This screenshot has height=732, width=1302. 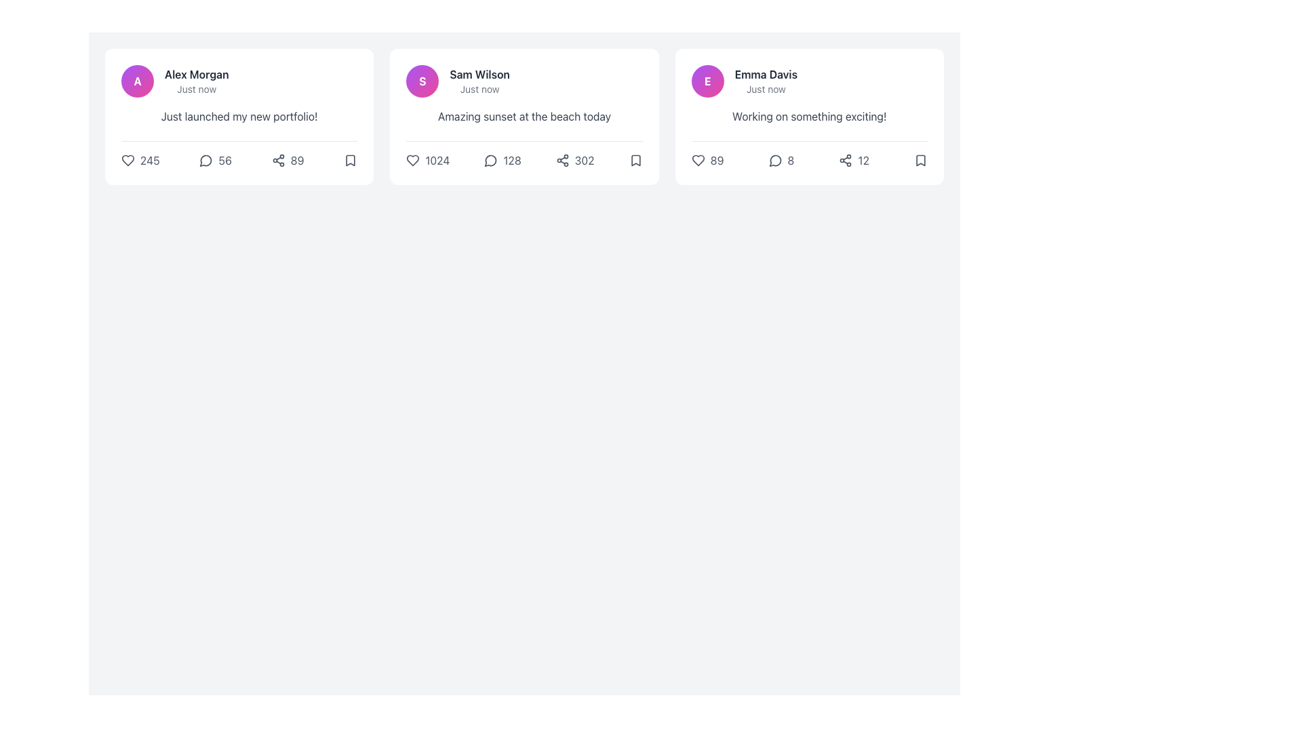 What do you see at coordinates (775, 160) in the screenshot?
I see `the comment interaction SVG icon located in the third post card, specifically the second icon from the left in the bottom row of icons` at bounding box center [775, 160].